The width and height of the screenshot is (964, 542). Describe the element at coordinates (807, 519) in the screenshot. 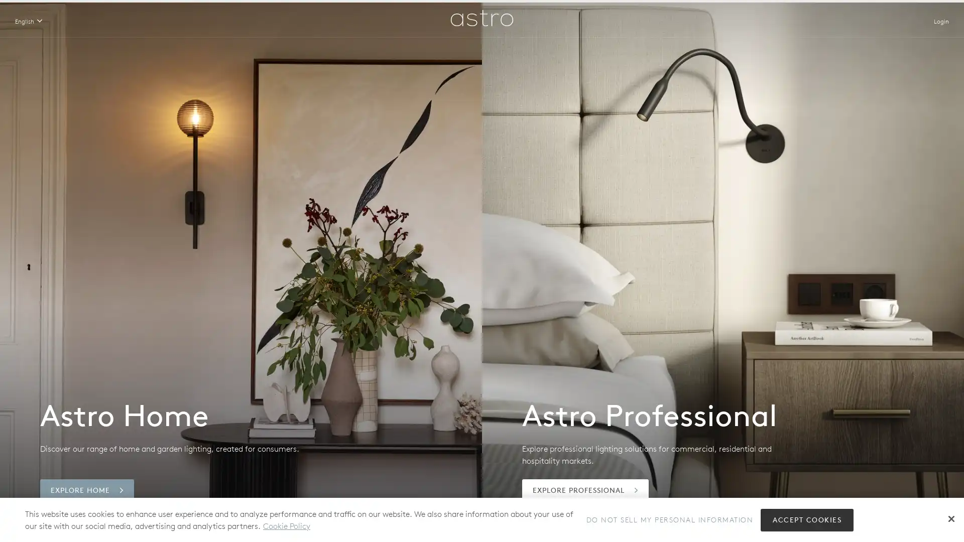

I see `ACCEPT COOKIES` at that location.